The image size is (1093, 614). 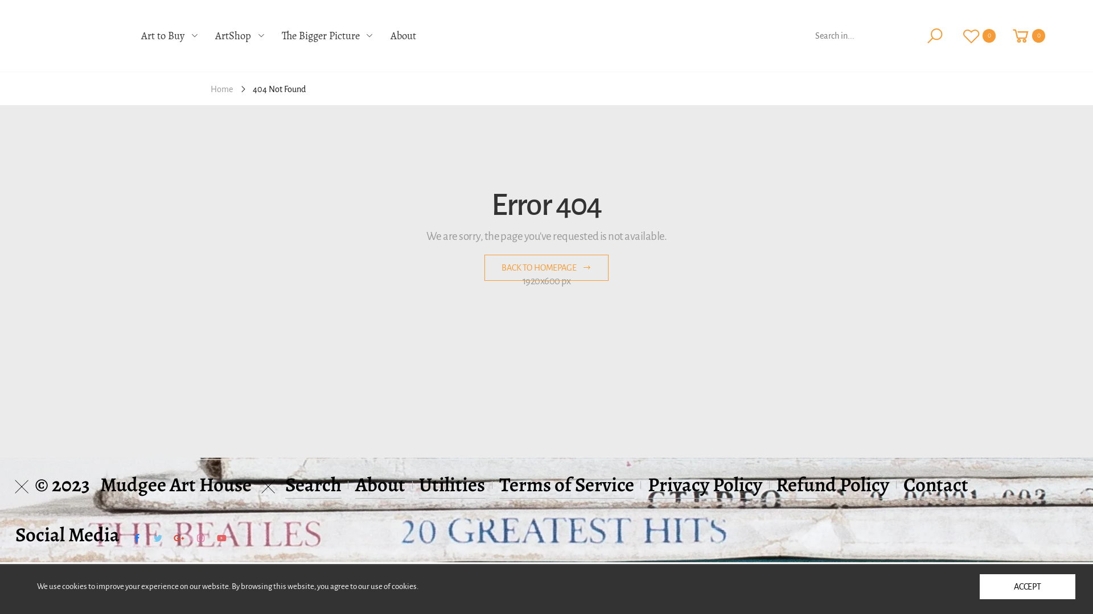 I want to click on 'Refund Policy', so click(x=832, y=484).